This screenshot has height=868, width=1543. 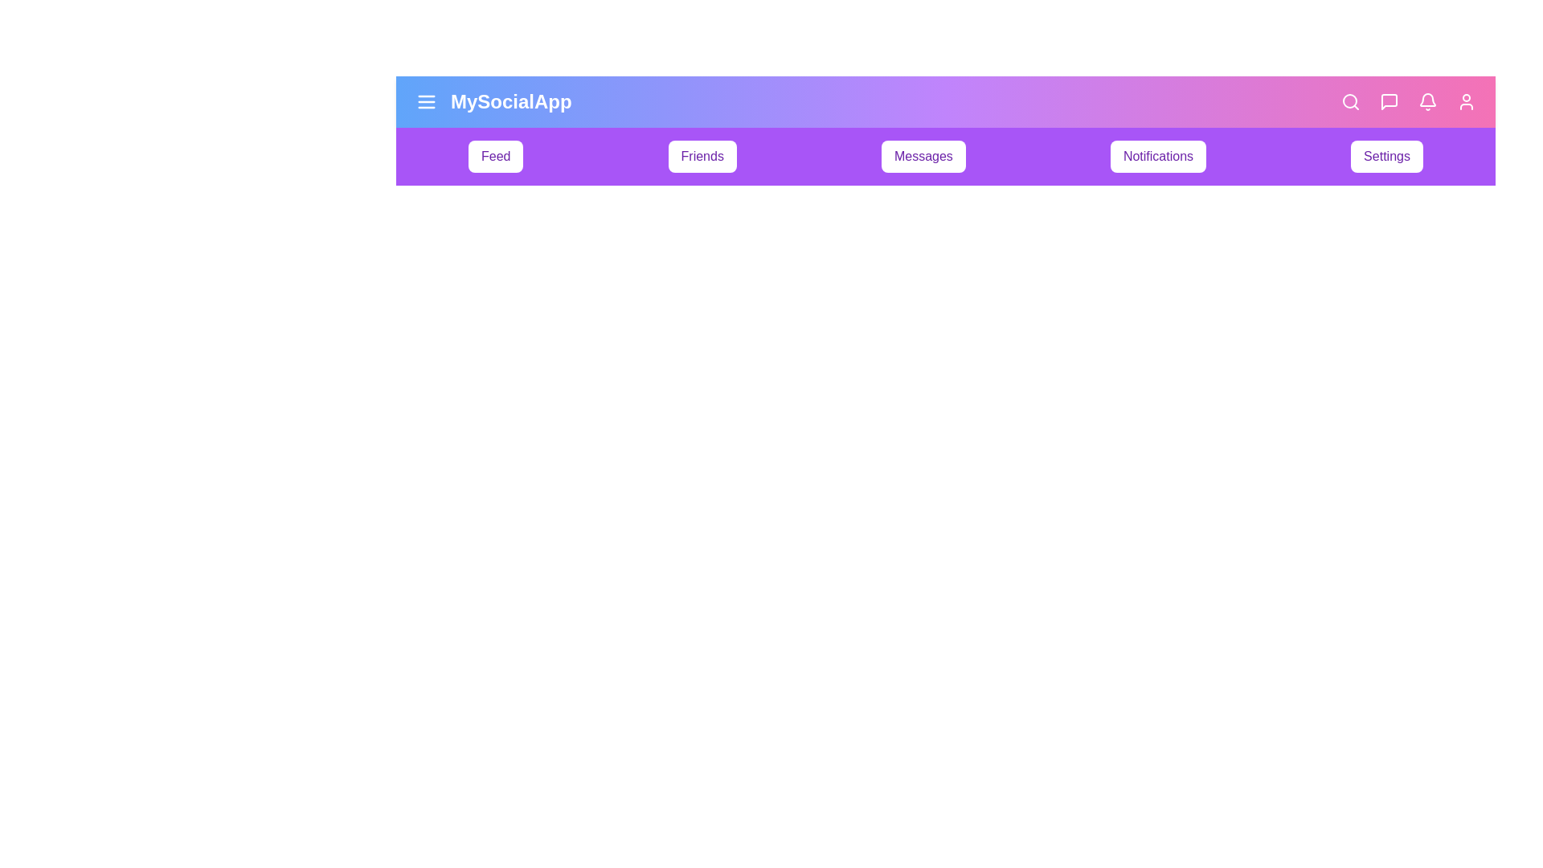 What do you see at coordinates (1350, 102) in the screenshot?
I see `the search navigation icon` at bounding box center [1350, 102].